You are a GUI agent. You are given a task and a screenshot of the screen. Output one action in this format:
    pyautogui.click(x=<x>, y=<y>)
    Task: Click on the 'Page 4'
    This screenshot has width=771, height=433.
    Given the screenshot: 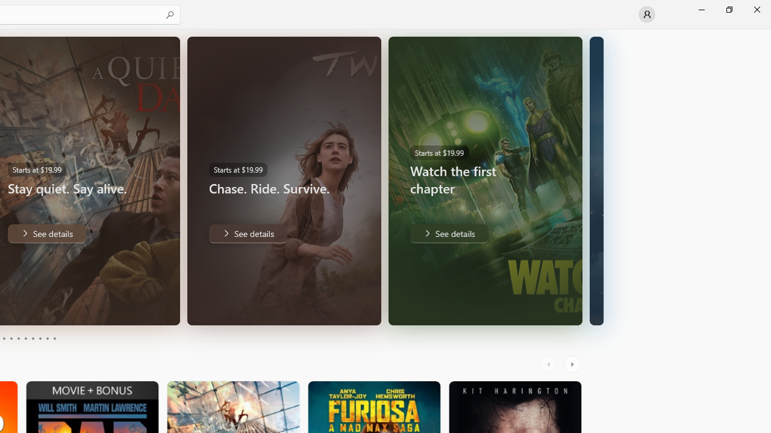 What is the action you would take?
    pyautogui.click(x=10, y=339)
    